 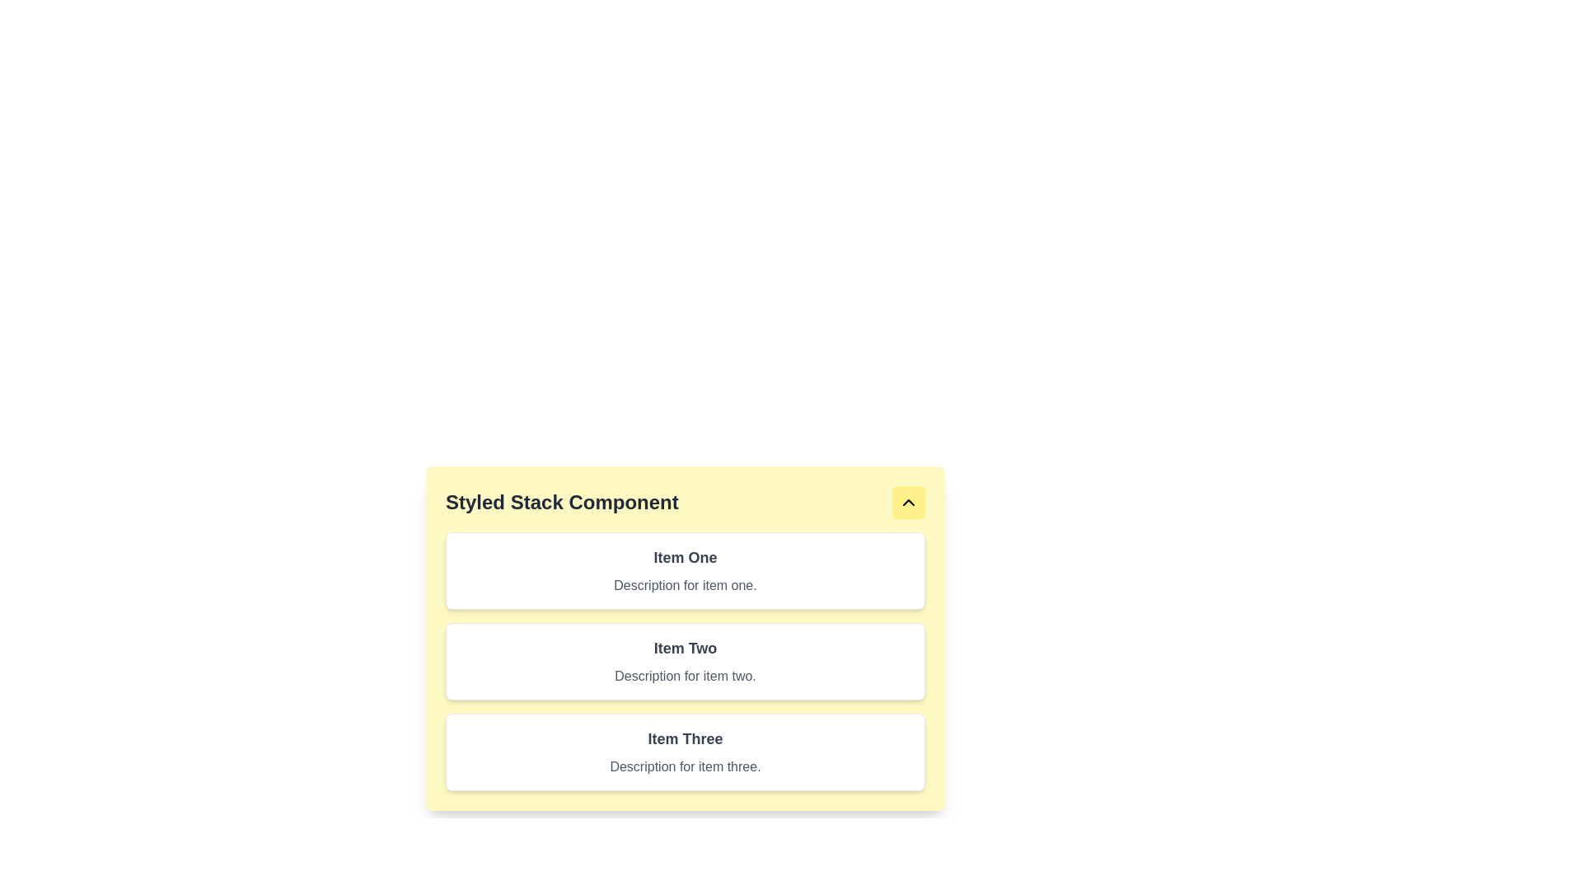 What do you see at coordinates (562, 501) in the screenshot?
I see `the 'Styled Stack Component' text label, which is styled with a large, bold font and dark gray color, located within a yellow background area` at bounding box center [562, 501].